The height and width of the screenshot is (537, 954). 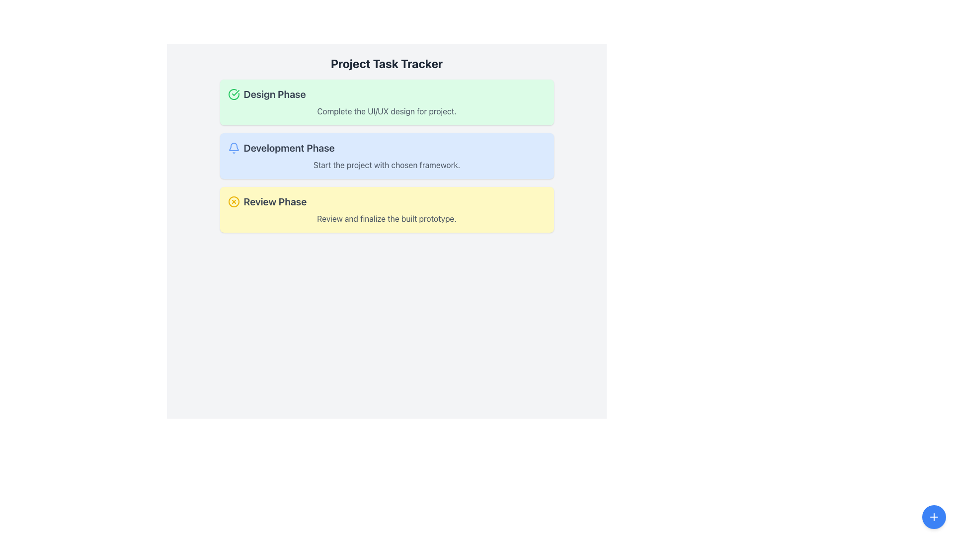 I want to click on the text label that indicates the current stage in the project task flow, located in the second task block titled 'Development Phase', positioned below 'Design Phase' and above 'Review Phase', so click(x=289, y=148).